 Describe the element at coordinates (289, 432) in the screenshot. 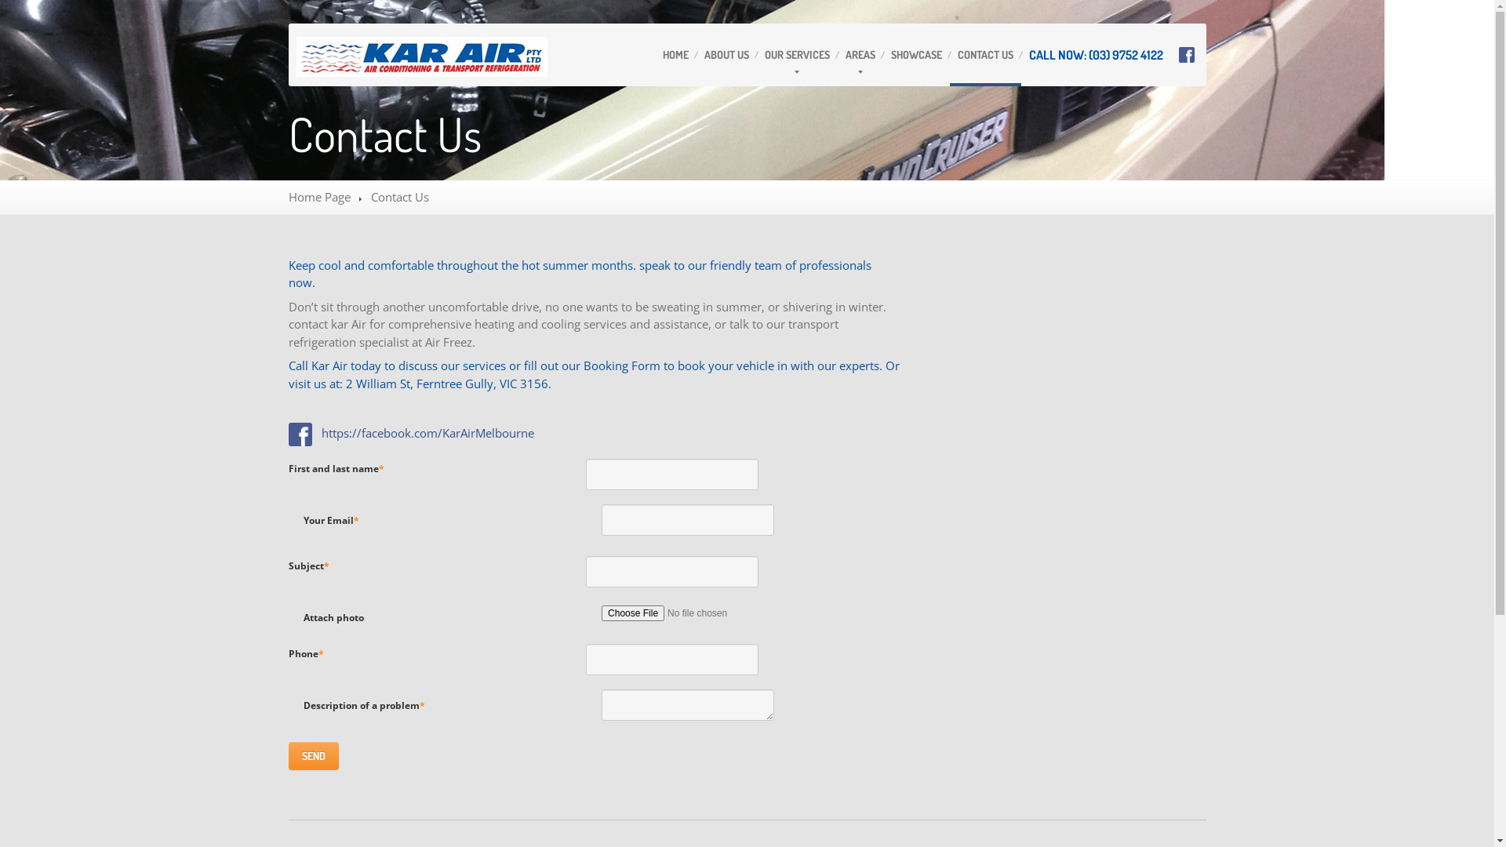

I see `' '` at that location.